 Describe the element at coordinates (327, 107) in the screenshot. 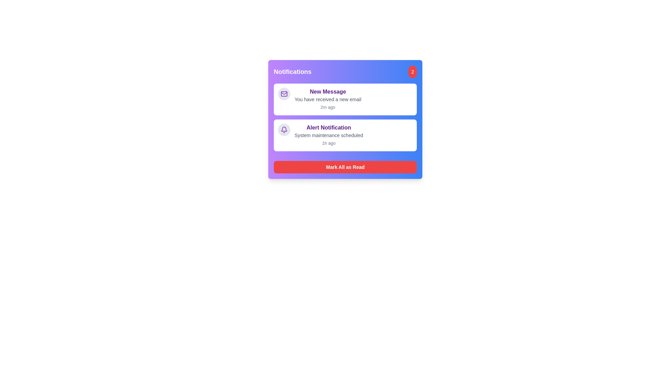

I see `the text label reading '2m ago,' styled in gray, located within the notification box below the message 'You have received a new email.'` at that location.